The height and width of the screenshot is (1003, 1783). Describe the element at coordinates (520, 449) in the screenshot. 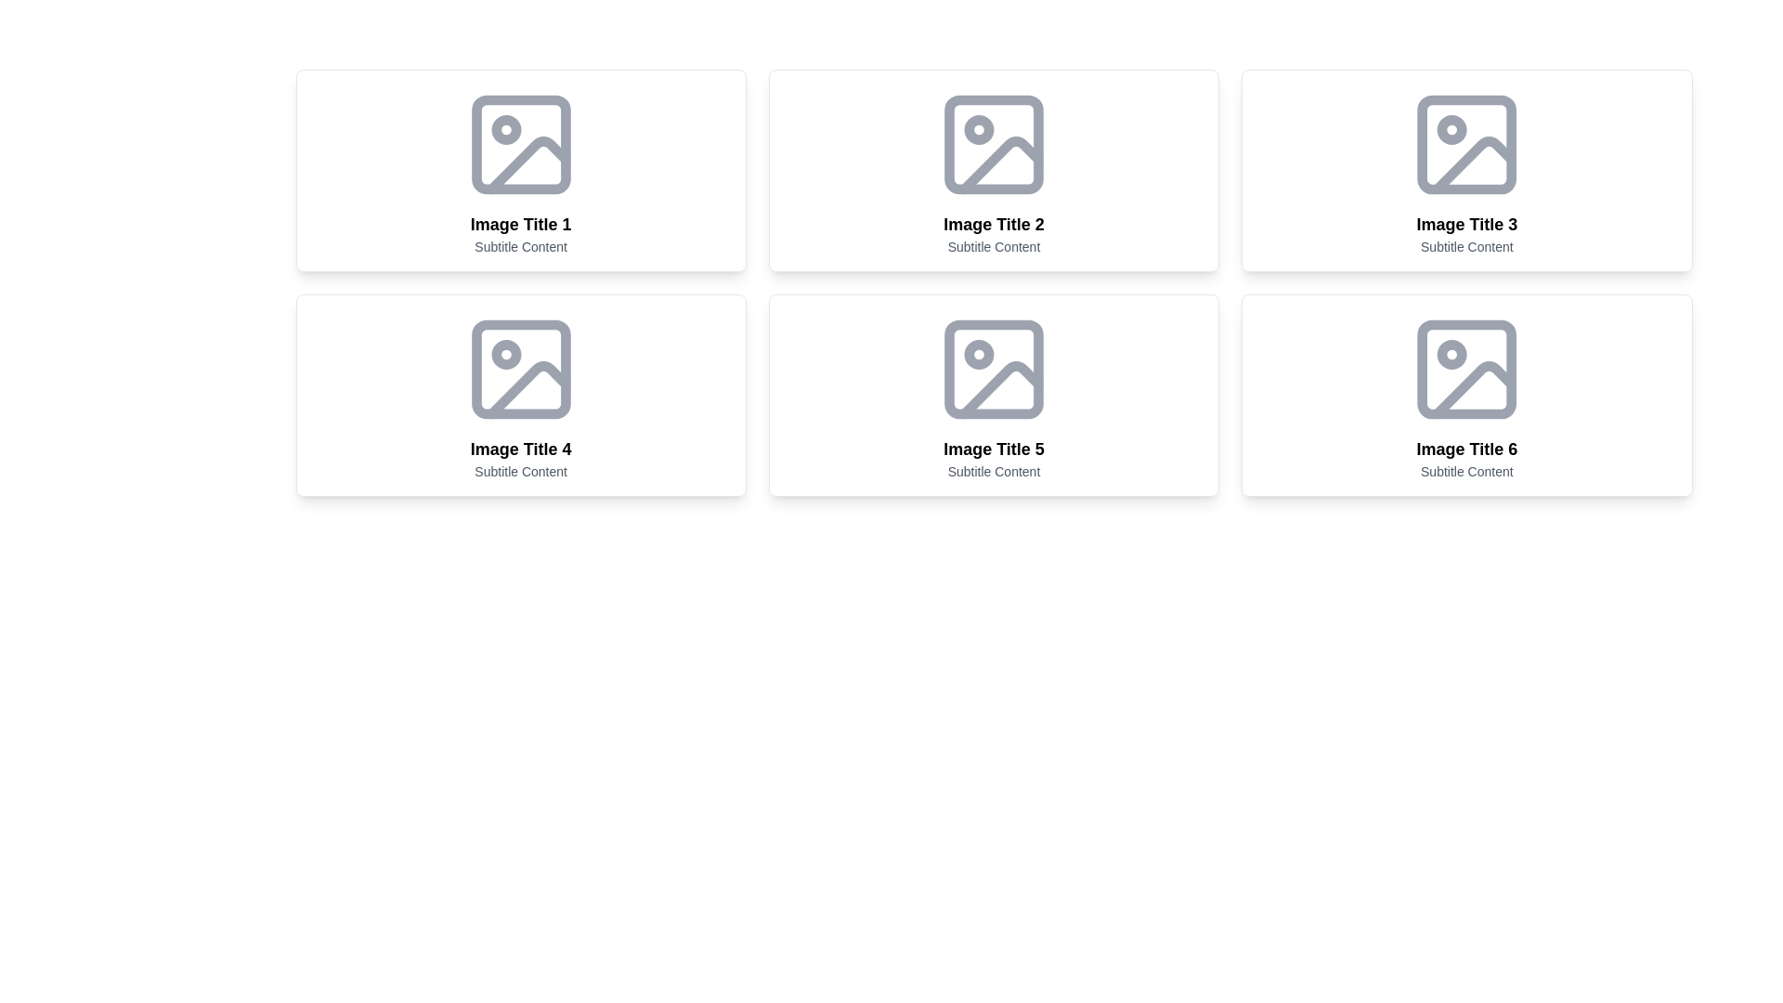

I see `text content of the fourth title in a 2x3 grid layout of image cards, located in the second row and first column, which serves as the heading for the associated image card` at that location.